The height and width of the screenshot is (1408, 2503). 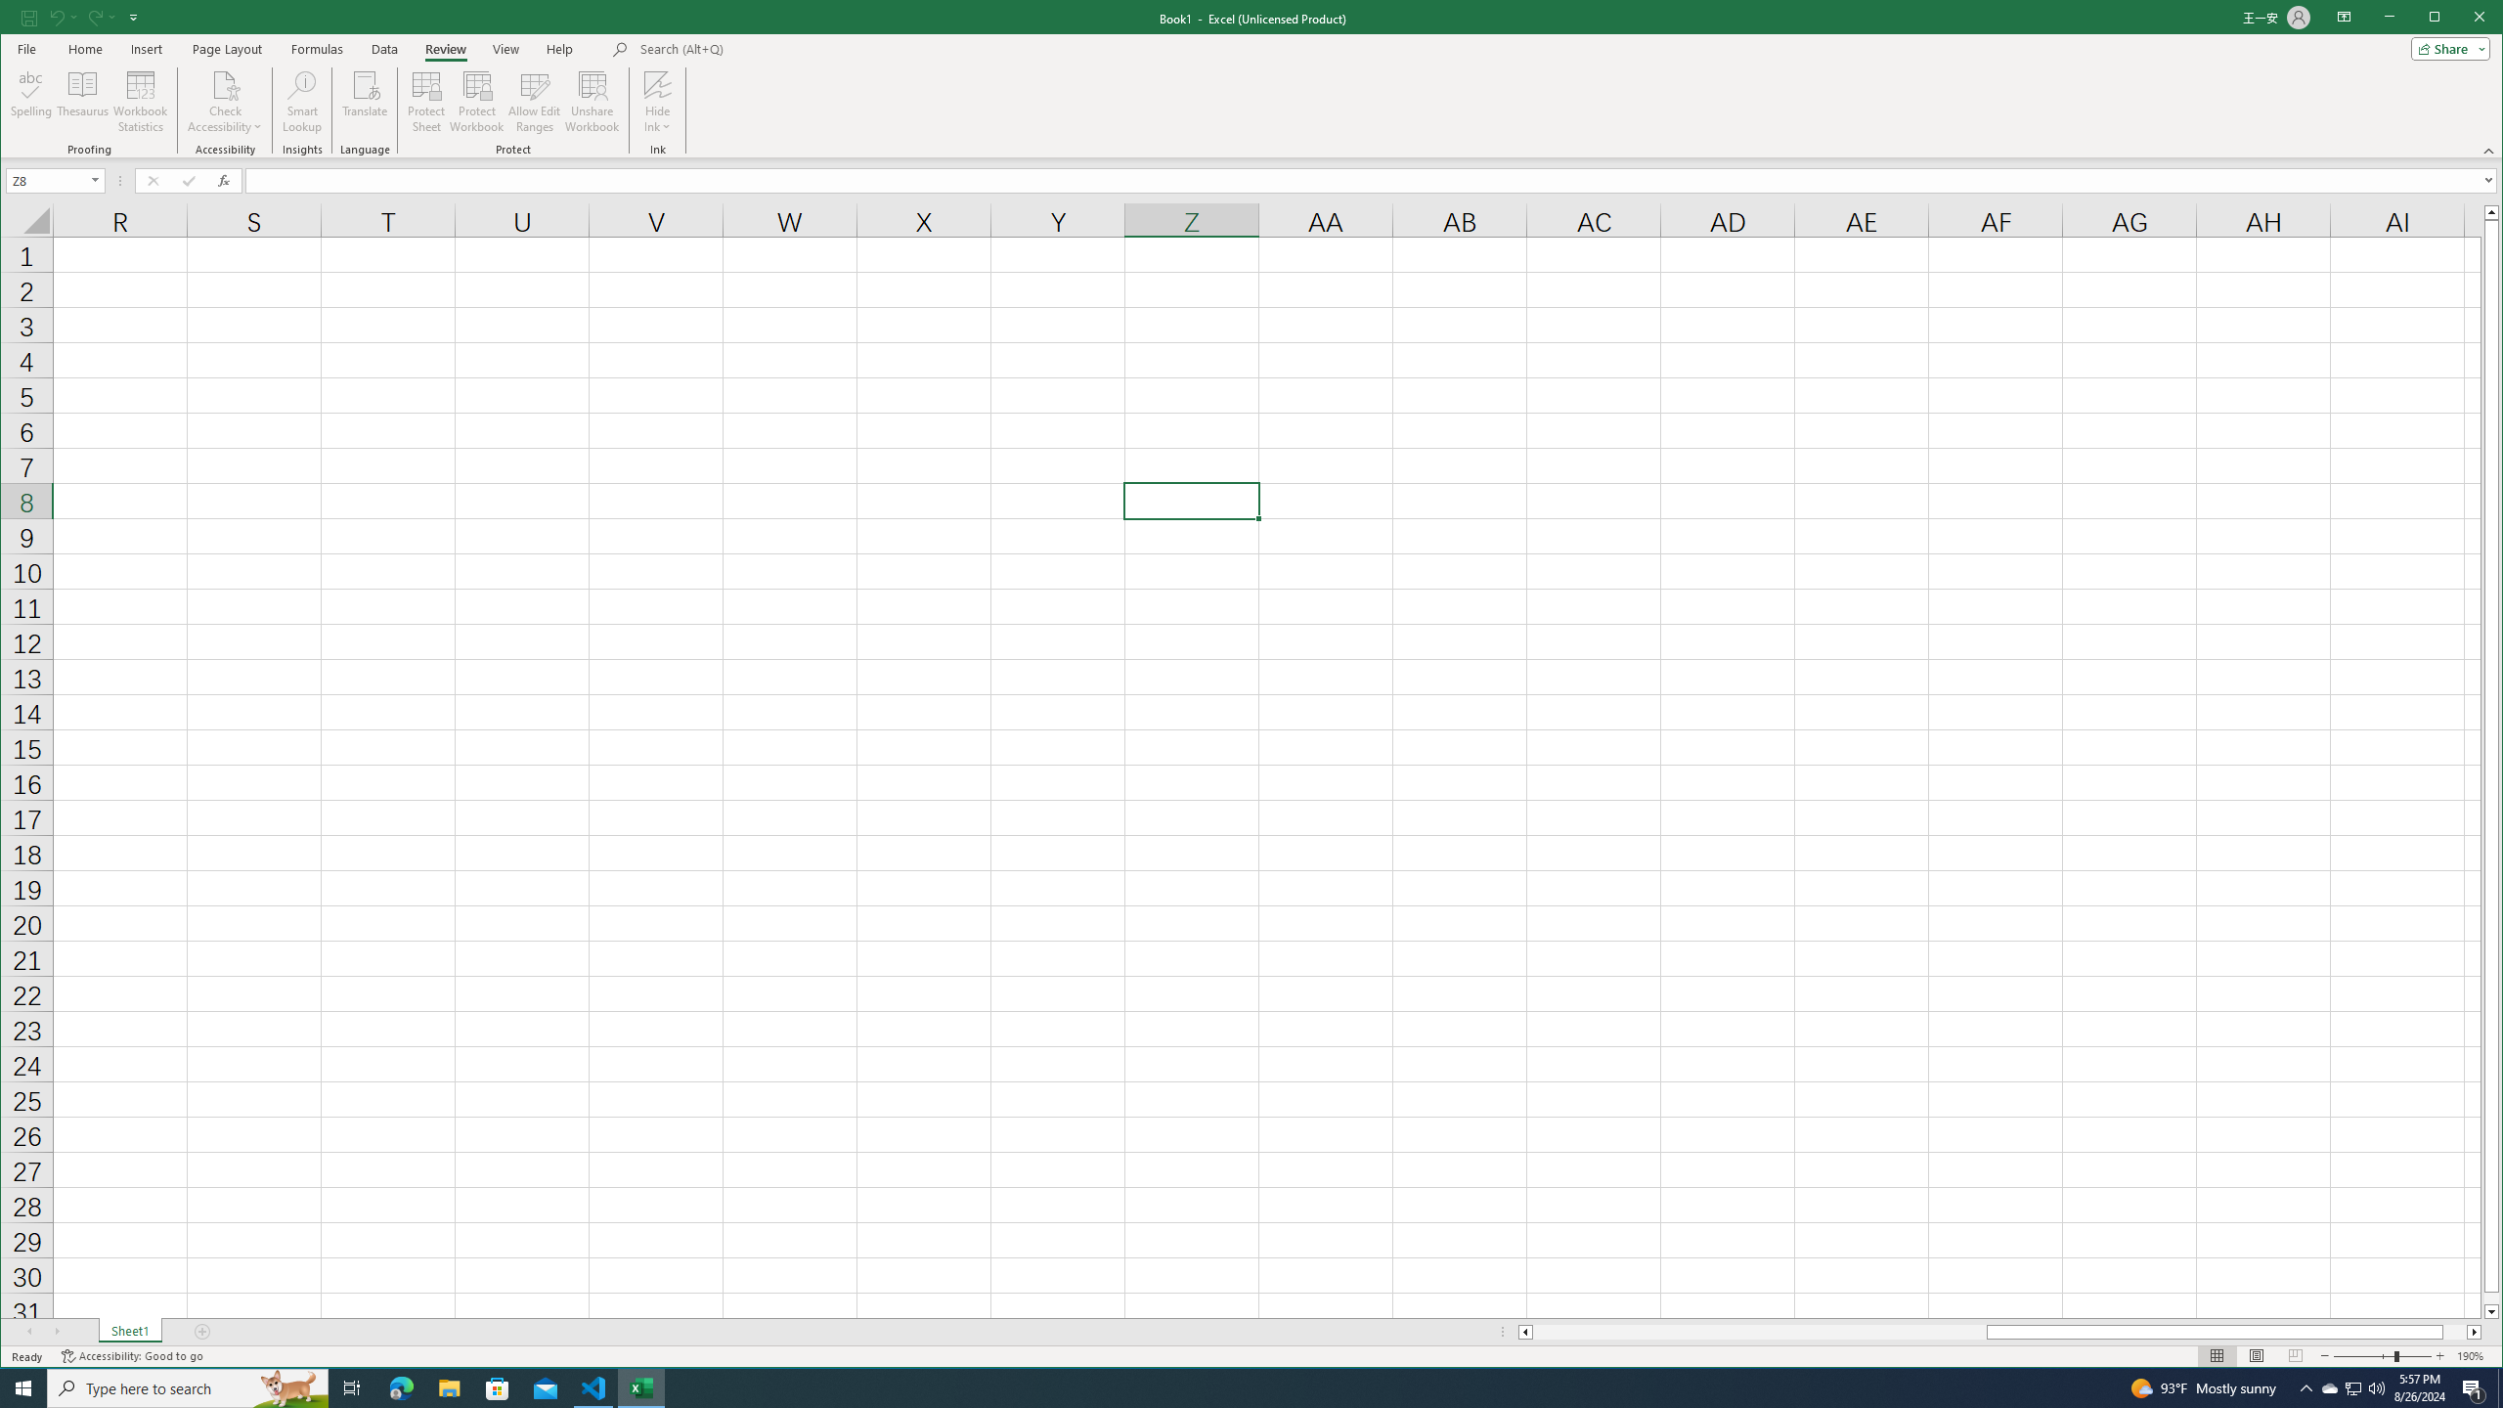 I want to click on 'Spelling...', so click(x=31, y=101).